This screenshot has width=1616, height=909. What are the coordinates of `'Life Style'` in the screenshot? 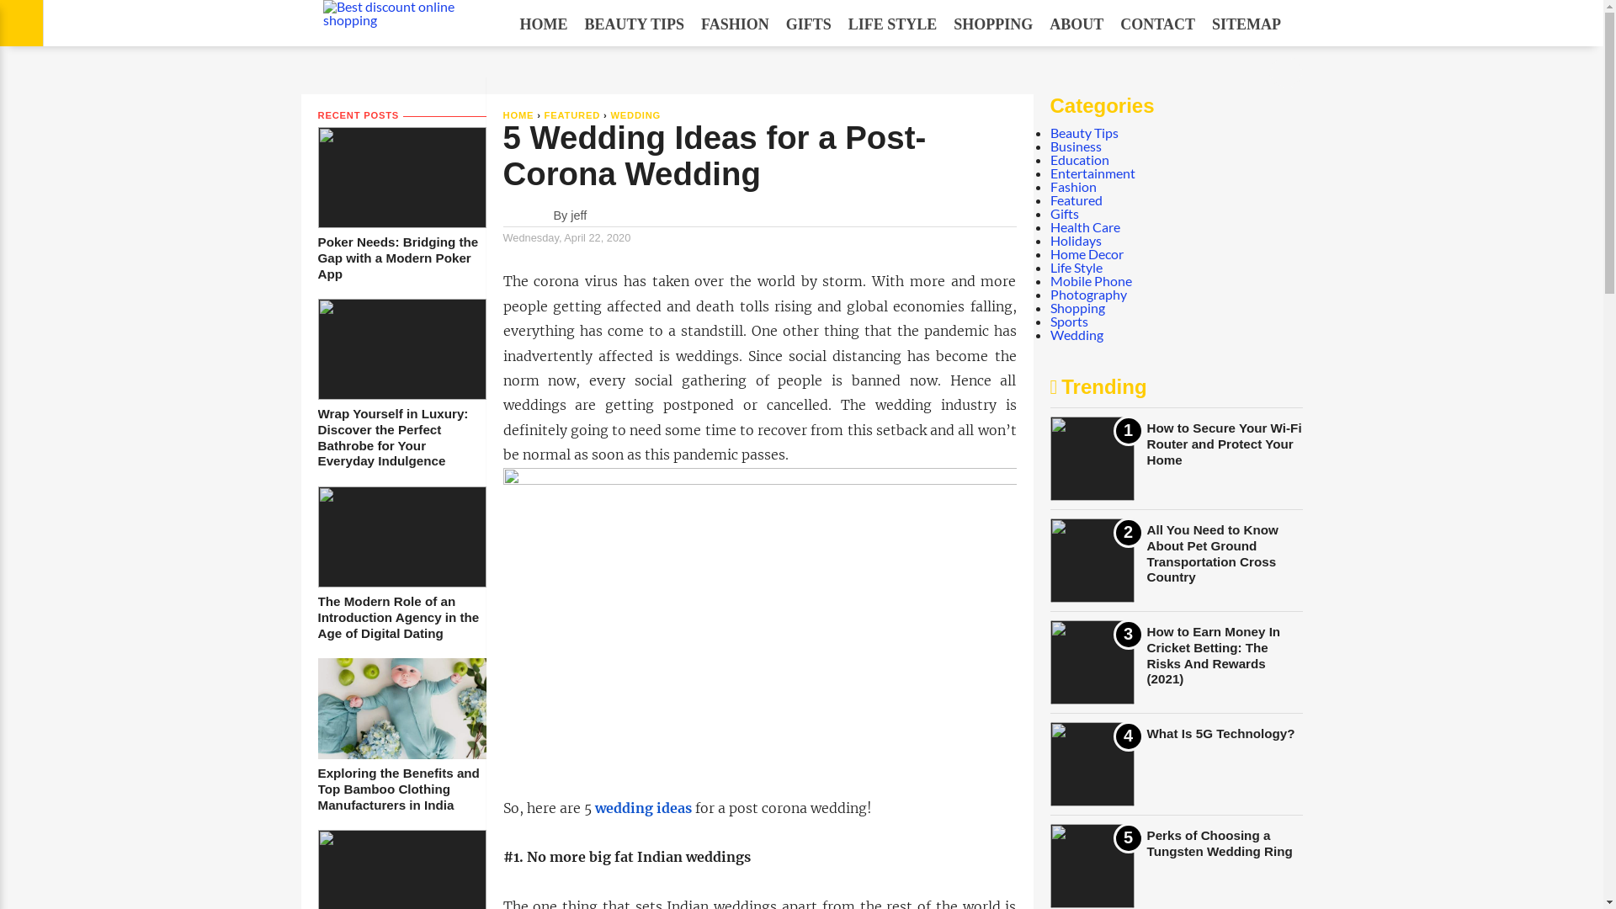 It's located at (1075, 266).